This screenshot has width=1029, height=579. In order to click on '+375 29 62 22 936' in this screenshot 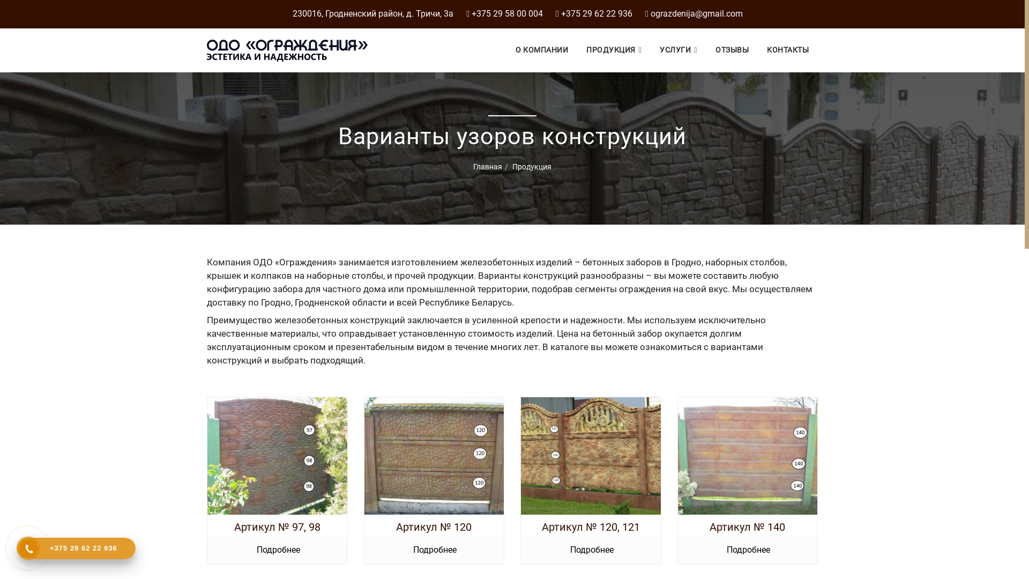, I will do `click(76, 548)`.